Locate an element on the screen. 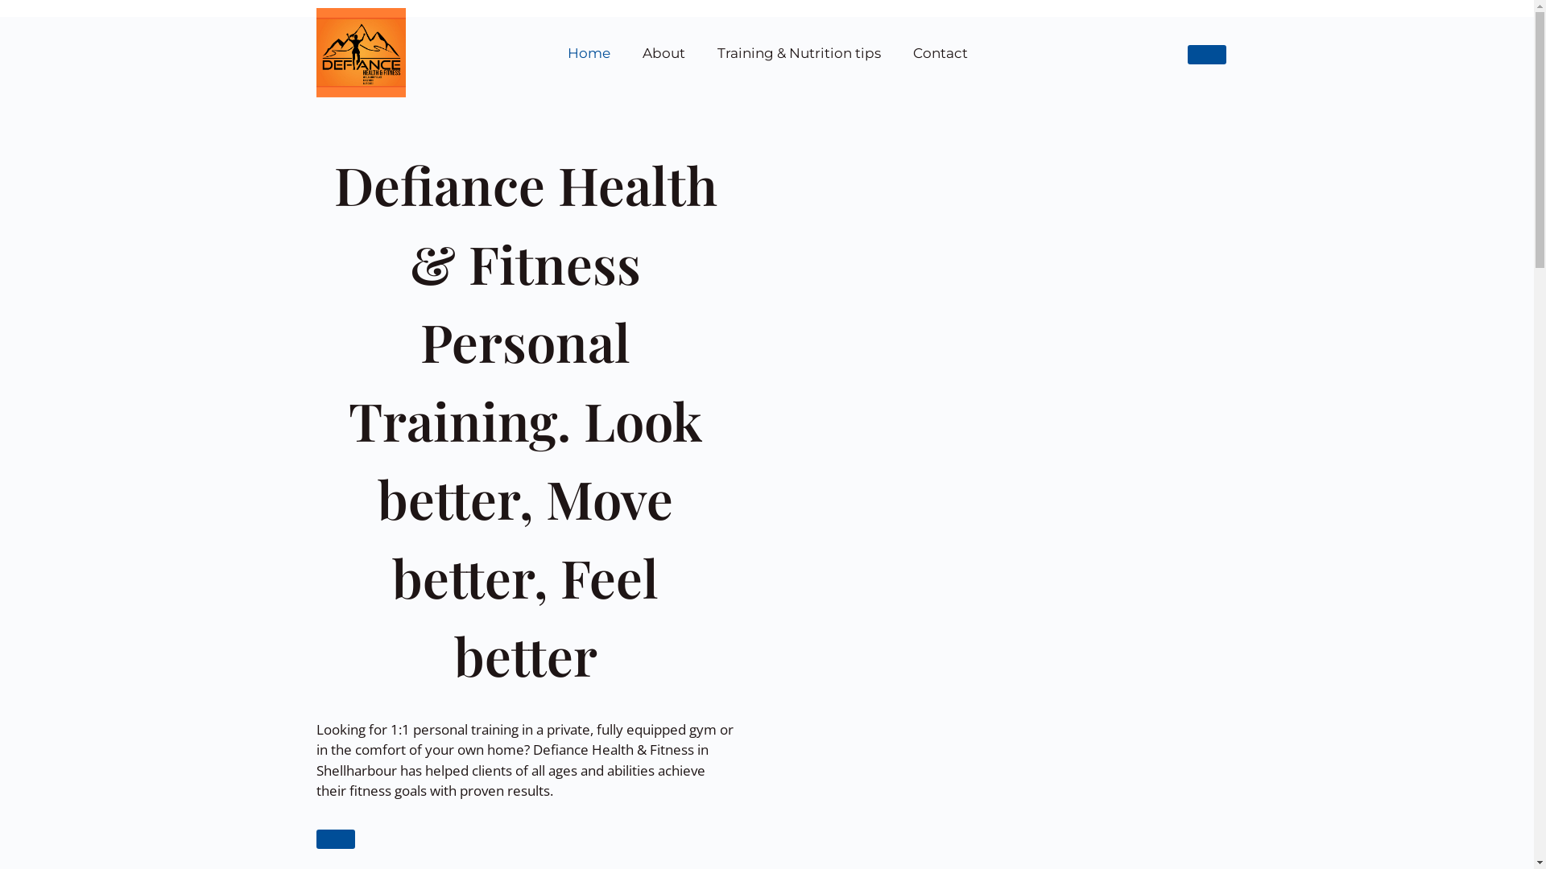  'Contact' is located at coordinates (940, 51).